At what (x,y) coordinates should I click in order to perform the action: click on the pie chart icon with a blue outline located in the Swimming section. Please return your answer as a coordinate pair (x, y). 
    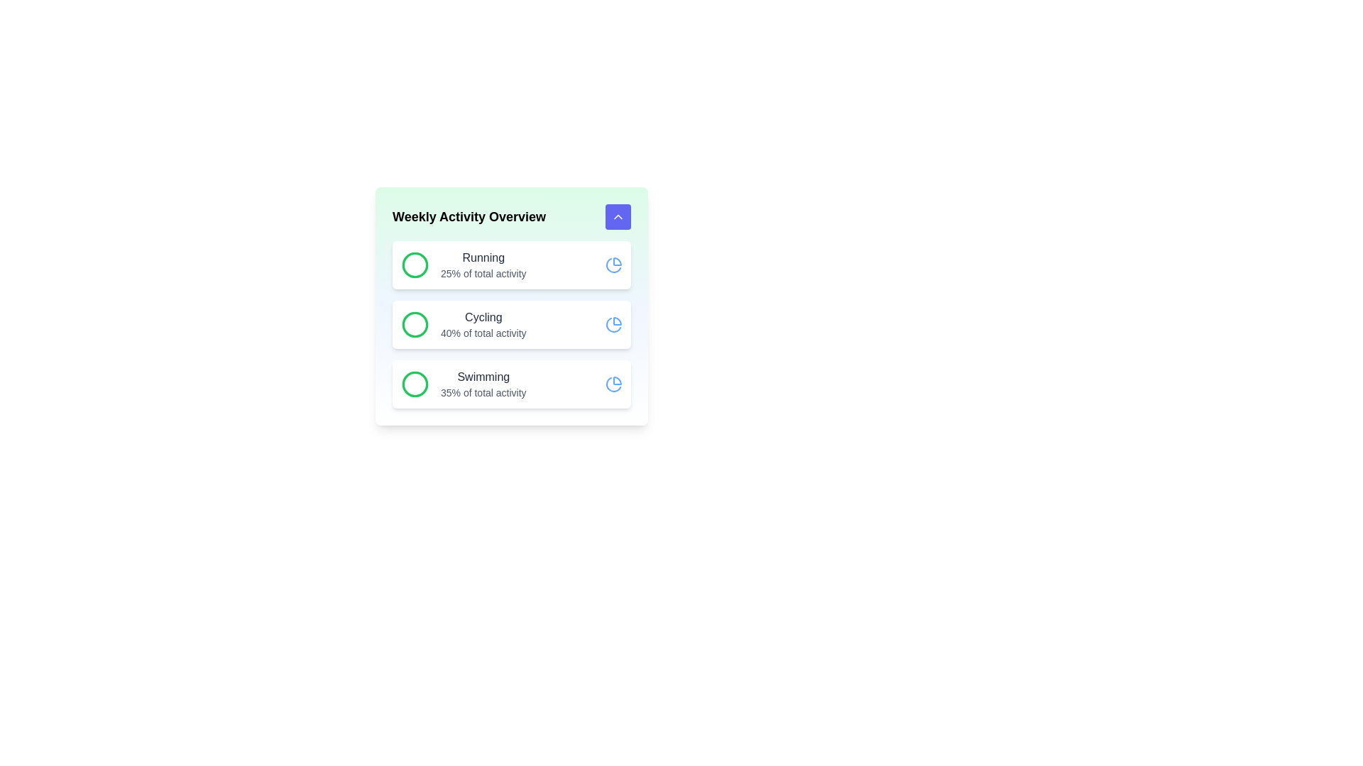
    Looking at the image, I should click on (613, 384).